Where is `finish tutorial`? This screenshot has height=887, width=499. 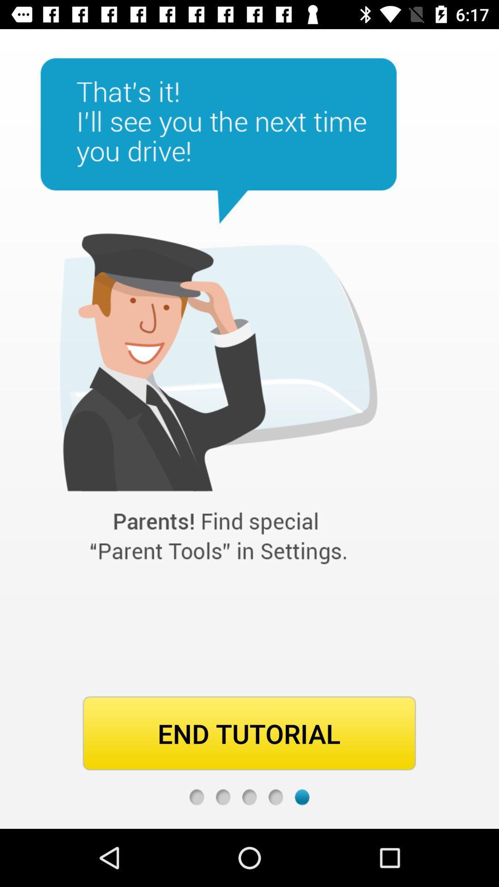 finish tutorial is located at coordinates (275, 796).